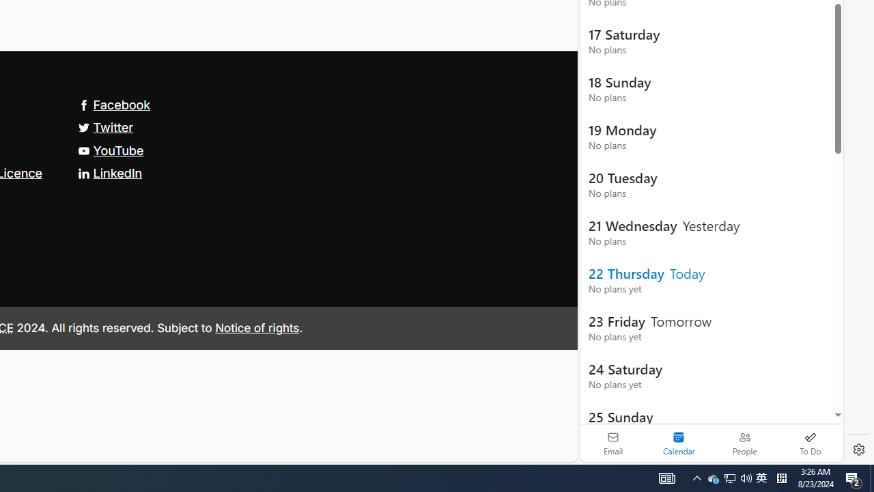 The image size is (874, 492). What do you see at coordinates (612, 443) in the screenshot?
I see `'Email'` at bounding box center [612, 443].